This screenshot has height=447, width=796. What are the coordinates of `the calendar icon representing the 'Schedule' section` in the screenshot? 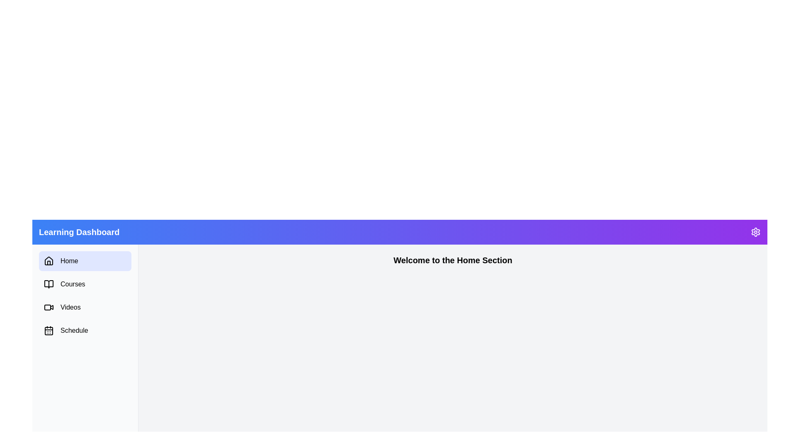 It's located at (49, 330).